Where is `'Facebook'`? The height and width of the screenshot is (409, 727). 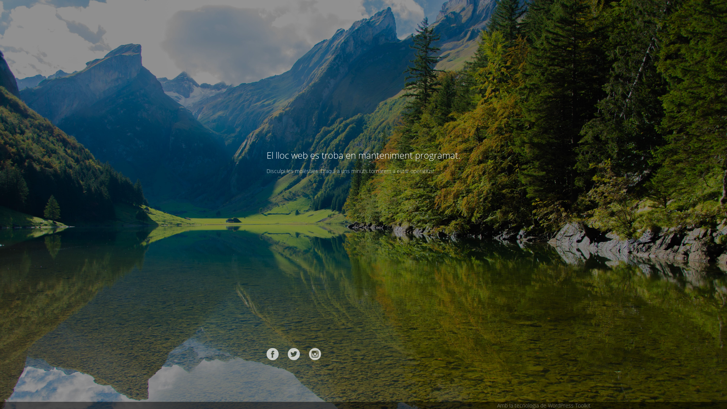 'Facebook' is located at coordinates (273, 354).